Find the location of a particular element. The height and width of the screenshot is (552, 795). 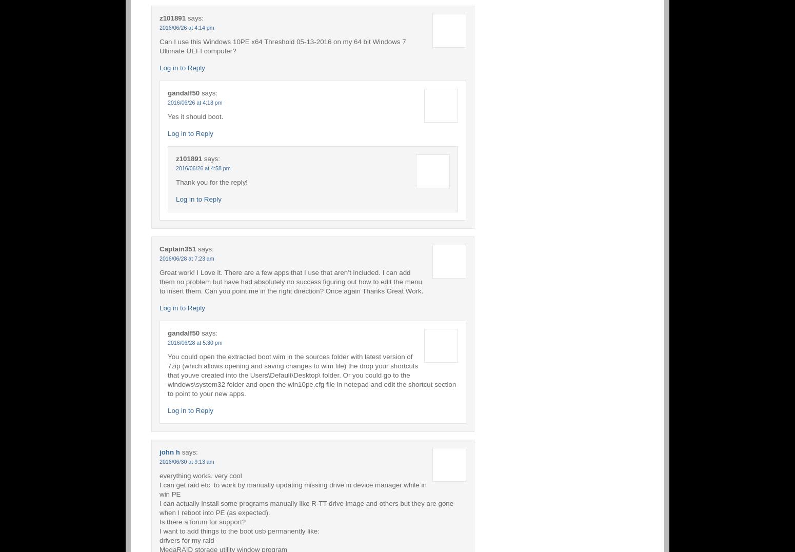

'john h' is located at coordinates (169, 451).